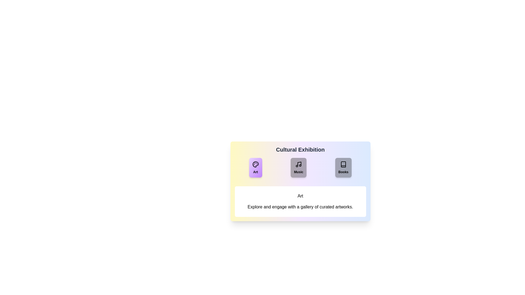 The height and width of the screenshot is (295, 525). Describe the element at coordinates (255, 167) in the screenshot. I see `the Art tab by clicking on its button` at that location.